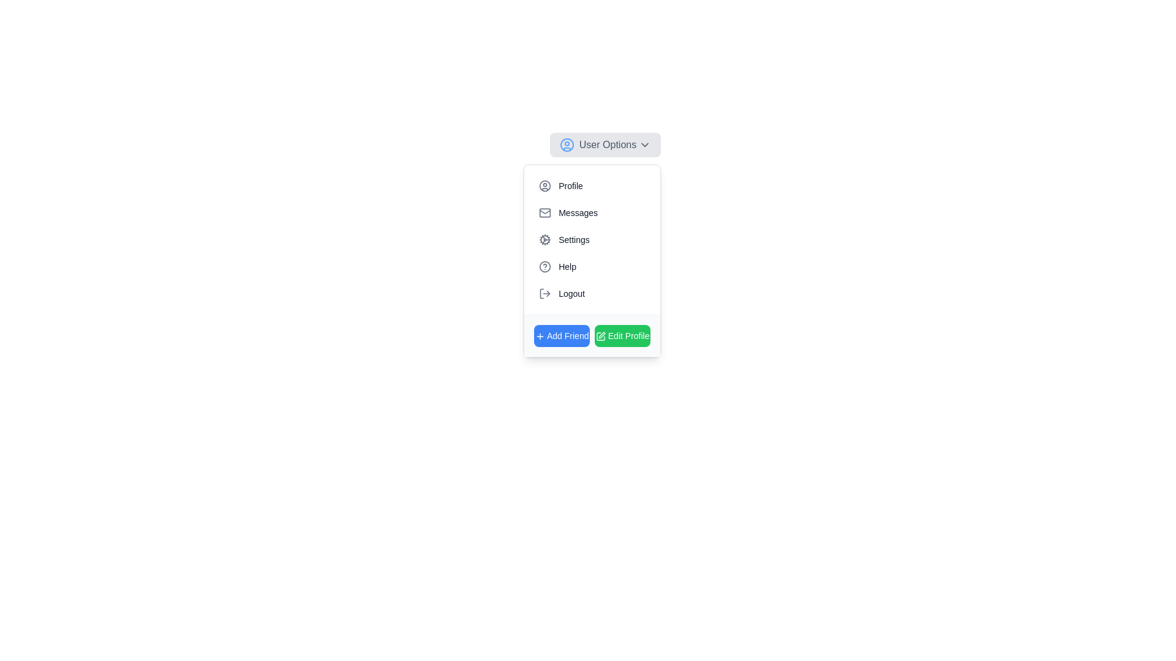 The image size is (1176, 661). Describe the element at coordinates (539, 337) in the screenshot. I see `the icon representing the 'Add Friend' action, located on the left side of the 'Add Friend' button within the blue button at the bottom-left corner of the menu panel` at that location.